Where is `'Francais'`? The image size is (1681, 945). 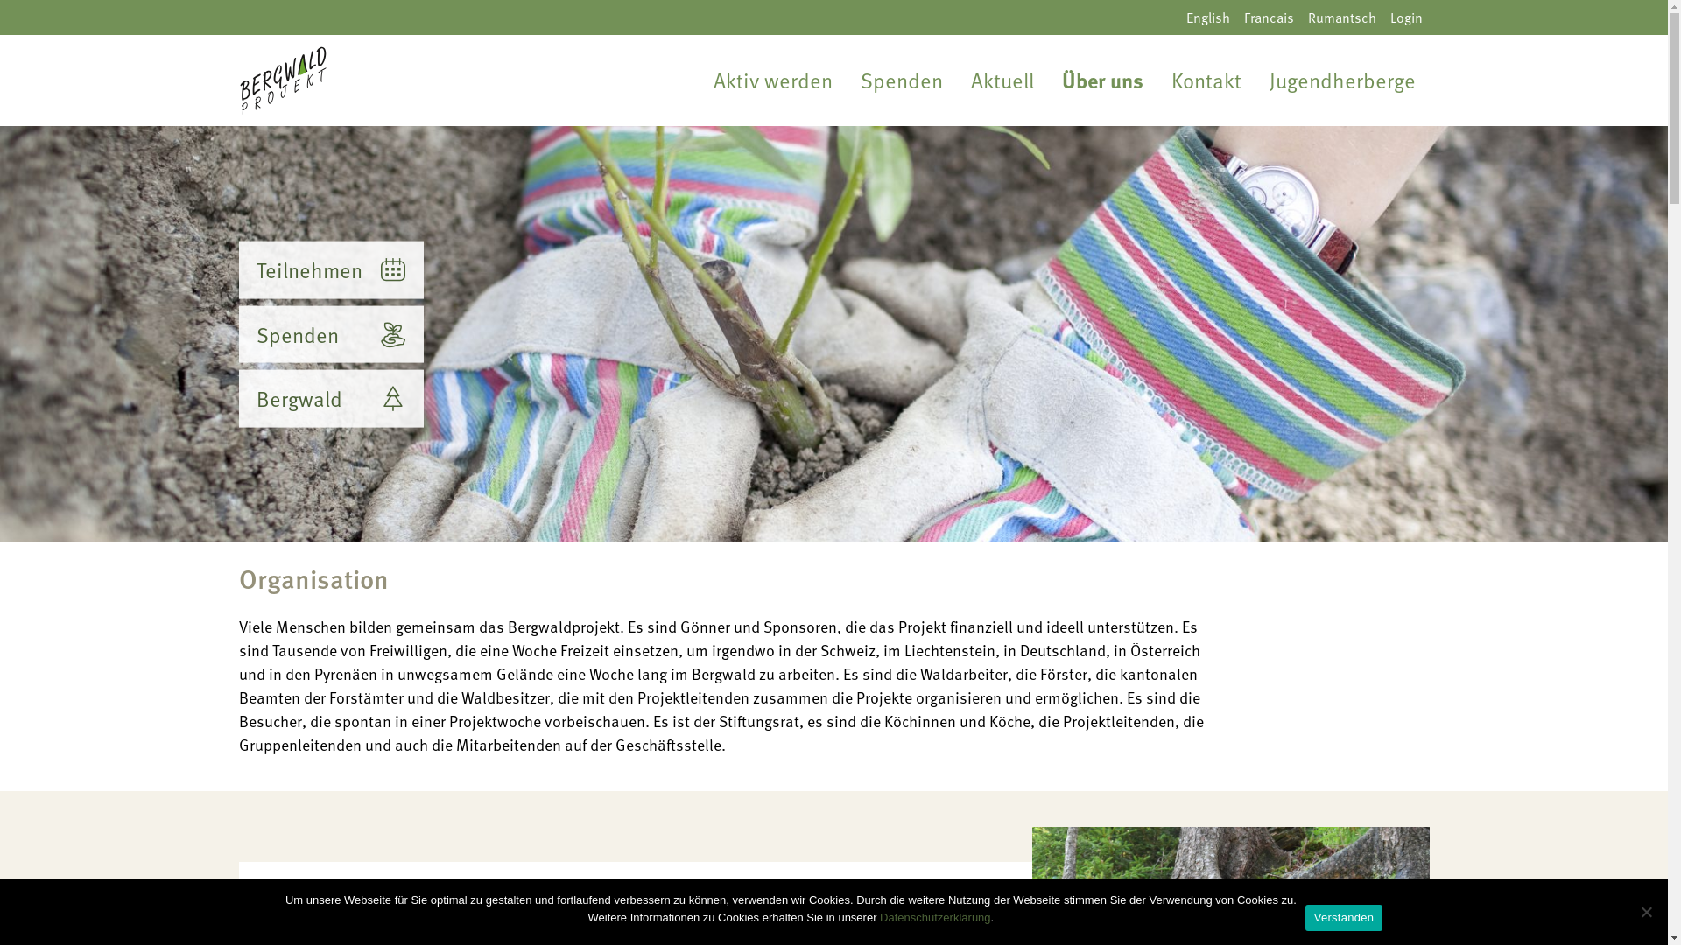
'Francais' is located at coordinates (1234, 17).